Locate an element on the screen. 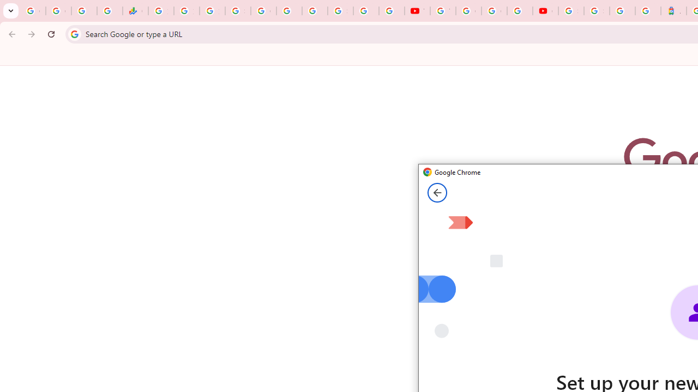  'Back from Set up your new Chrome profile page' is located at coordinates (437, 192).